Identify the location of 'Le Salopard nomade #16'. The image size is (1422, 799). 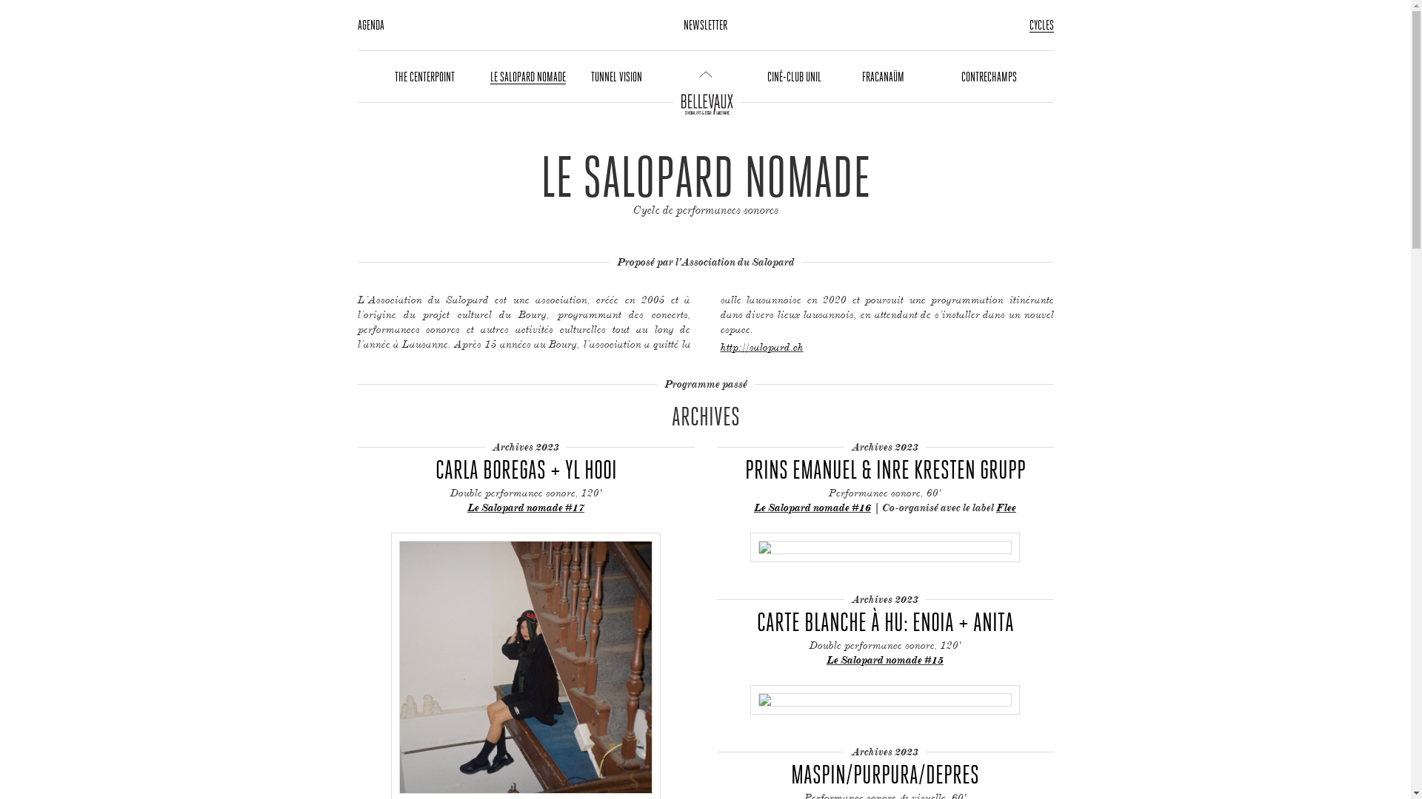
(753, 506).